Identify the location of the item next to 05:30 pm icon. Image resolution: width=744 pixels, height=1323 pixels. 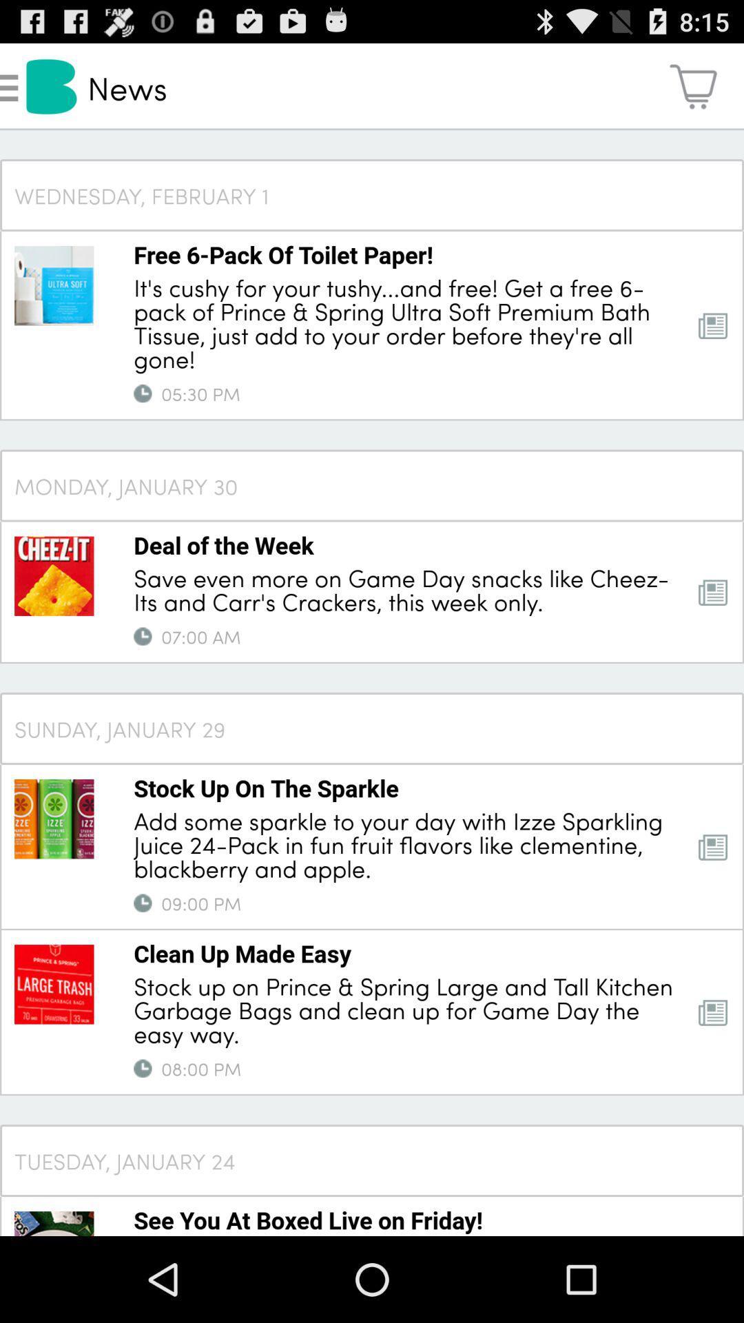
(143, 393).